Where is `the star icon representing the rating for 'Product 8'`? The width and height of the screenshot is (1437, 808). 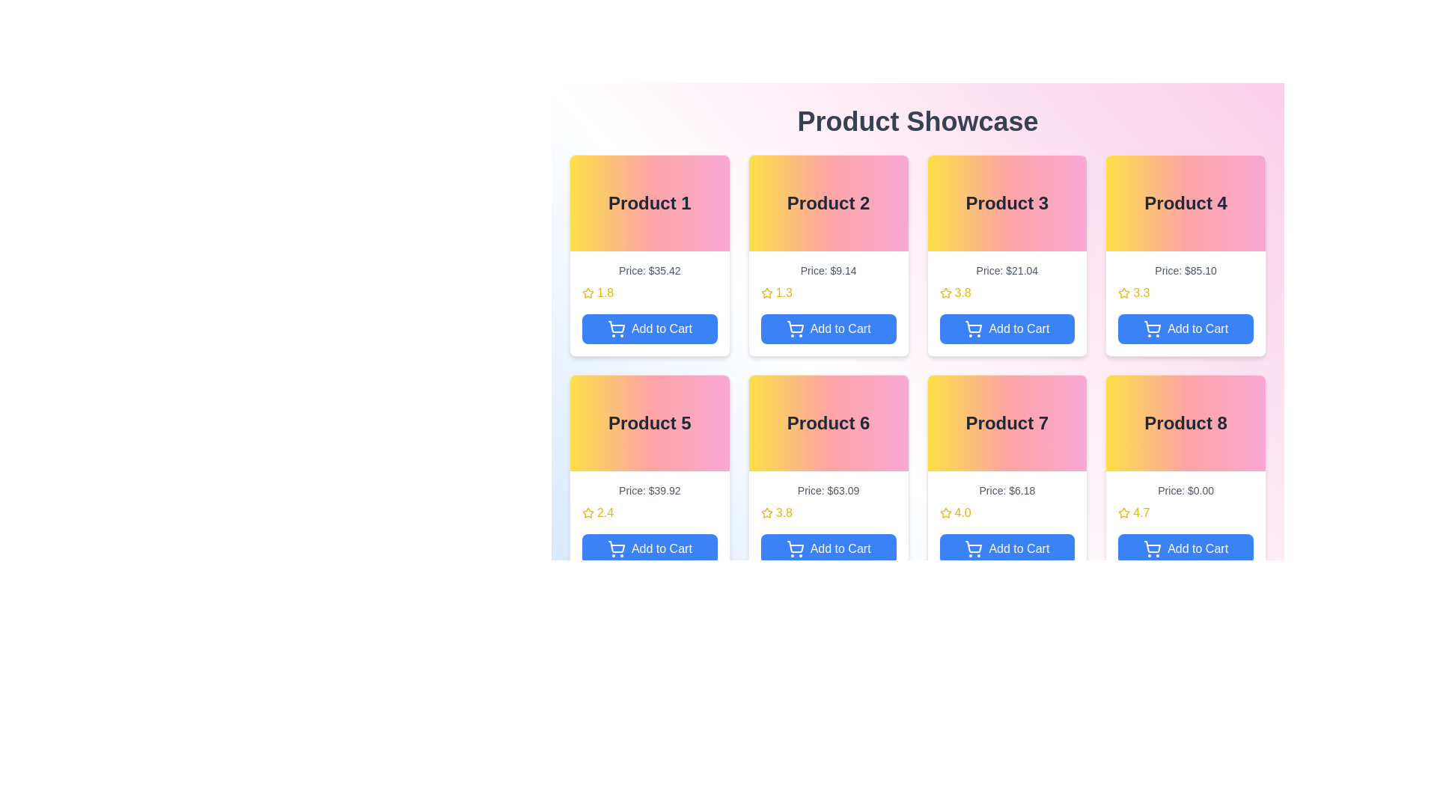 the star icon representing the rating for 'Product 8' is located at coordinates (1124, 512).